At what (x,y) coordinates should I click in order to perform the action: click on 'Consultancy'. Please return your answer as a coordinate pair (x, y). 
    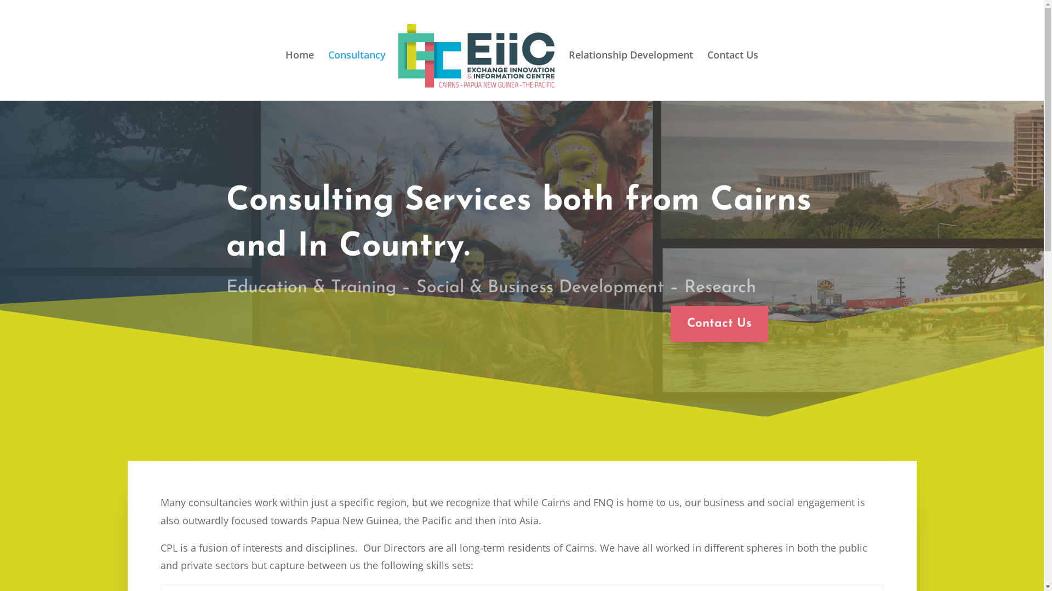
    Looking at the image, I should click on (357, 70).